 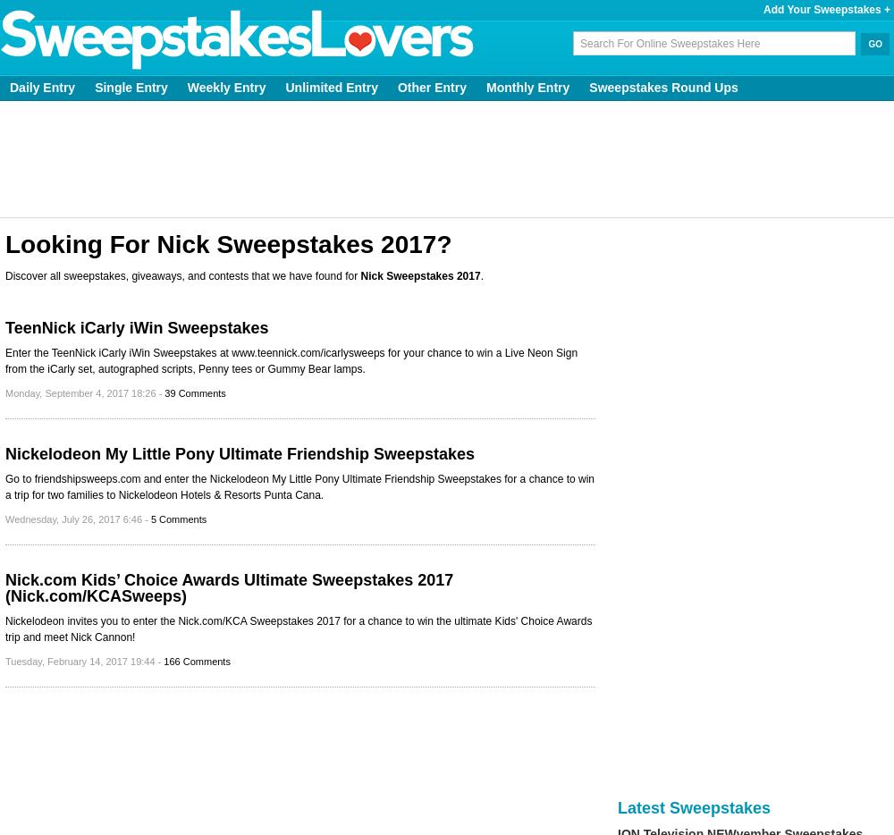 What do you see at coordinates (229, 587) in the screenshot?
I see `'Nick.com Kids’ Choice Awards Ultimate Sweepstakes 2017 (Nick.com/KCASweeps)'` at bounding box center [229, 587].